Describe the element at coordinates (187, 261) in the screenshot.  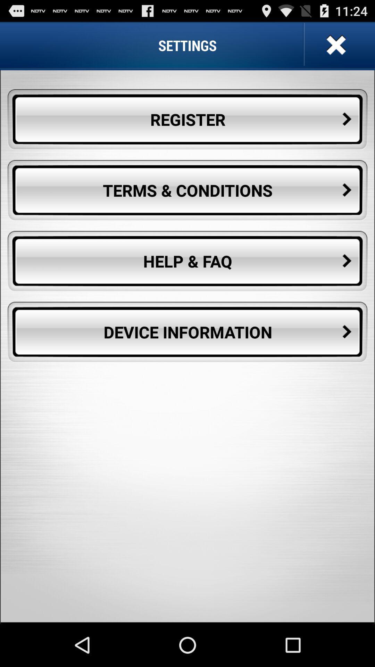
I see `the button below terms & conditions icon` at that location.